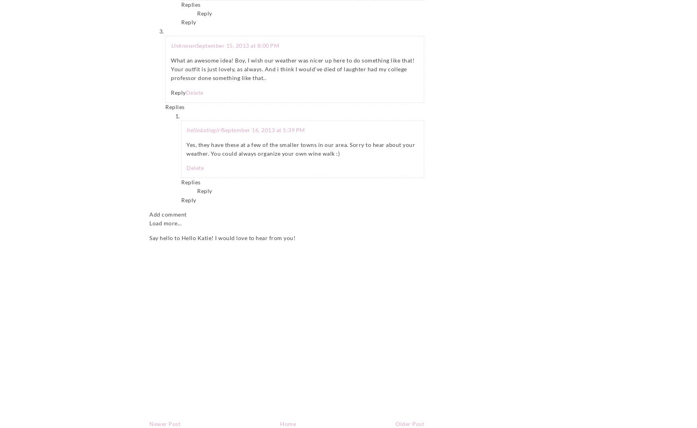  What do you see at coordinates (149, 214) in the screenshot?
I see `'Add comment'` at bounding box center [149, 214].